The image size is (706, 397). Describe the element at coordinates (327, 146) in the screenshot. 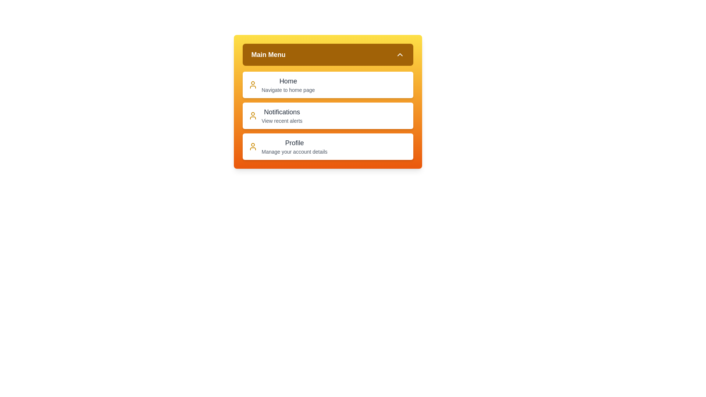

I see `the menu item Profile from the interactive menu` at that location.